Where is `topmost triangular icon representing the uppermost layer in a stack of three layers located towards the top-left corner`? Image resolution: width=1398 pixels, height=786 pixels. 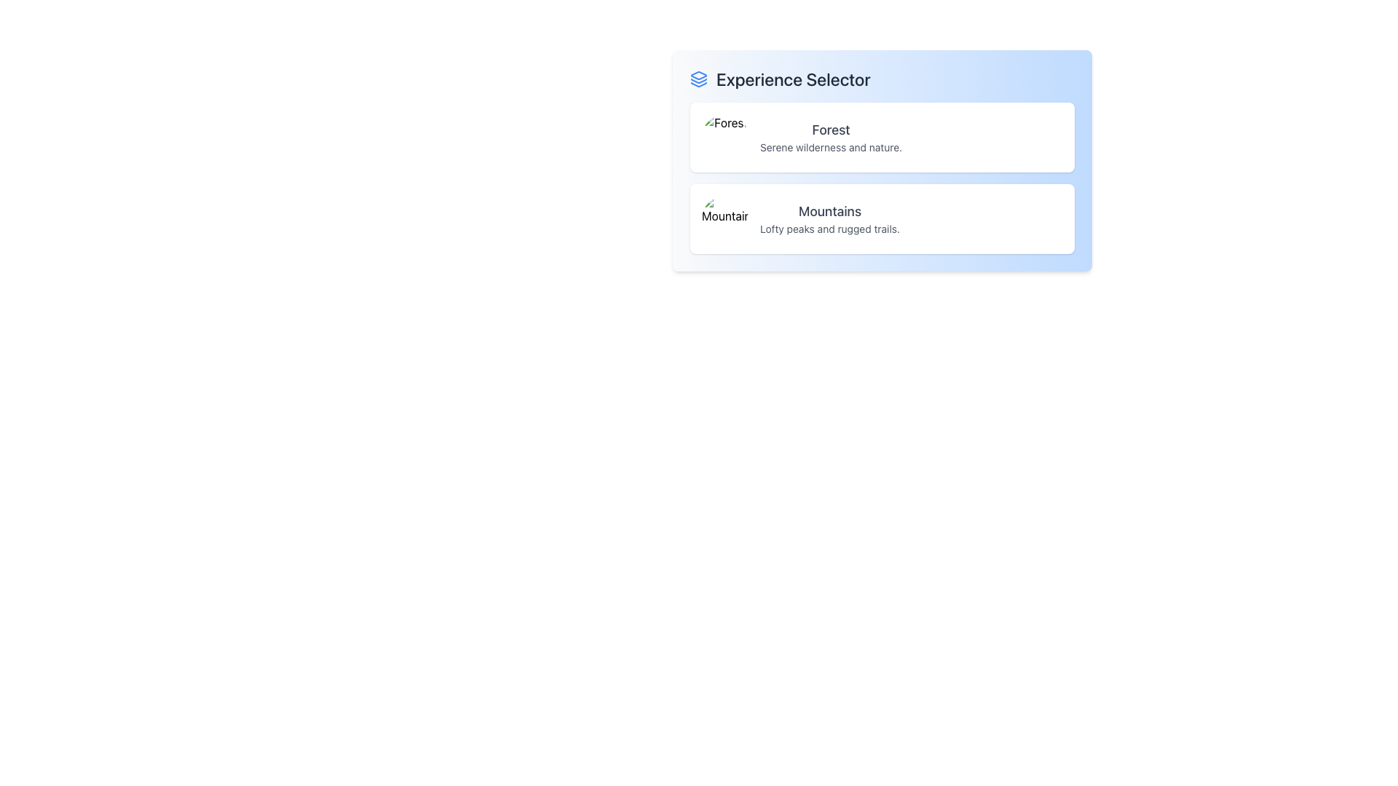 topmost triangular icon representing the uppermost layer in a stack of three layers located towards the top-left corner is located at coordinates (699, 76).